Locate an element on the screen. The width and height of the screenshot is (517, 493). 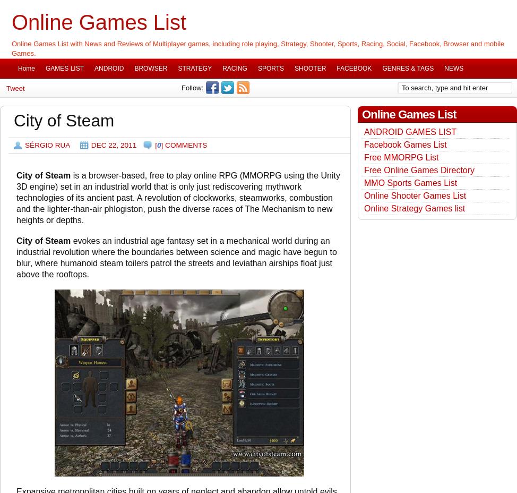
'BROWSER' is located at coordinates (150, 68).